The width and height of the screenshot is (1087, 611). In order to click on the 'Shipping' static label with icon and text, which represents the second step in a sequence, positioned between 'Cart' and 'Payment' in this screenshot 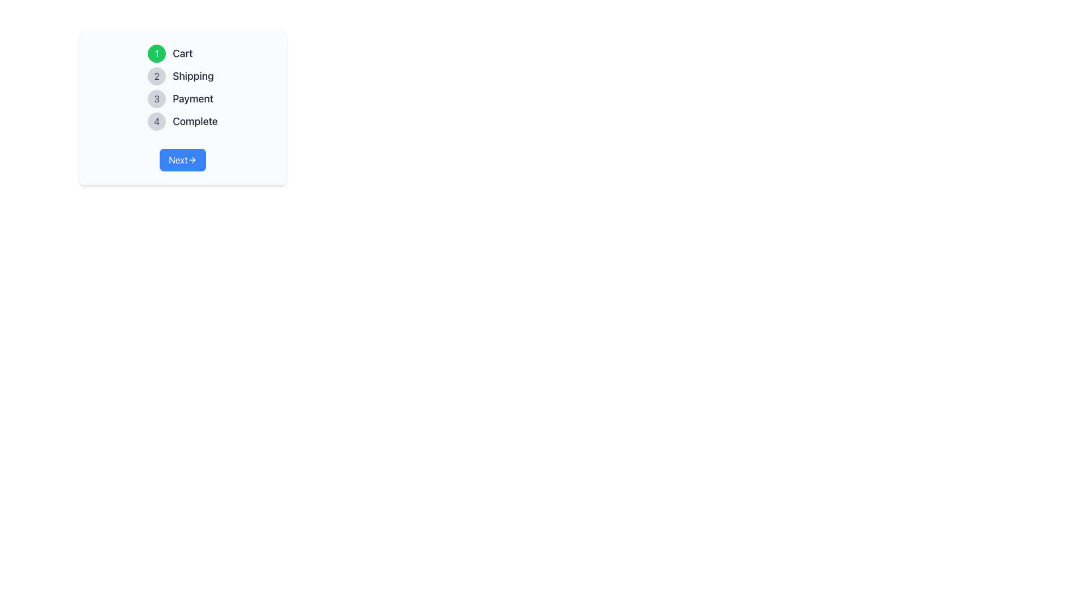, I will do `click(182, 76)`.